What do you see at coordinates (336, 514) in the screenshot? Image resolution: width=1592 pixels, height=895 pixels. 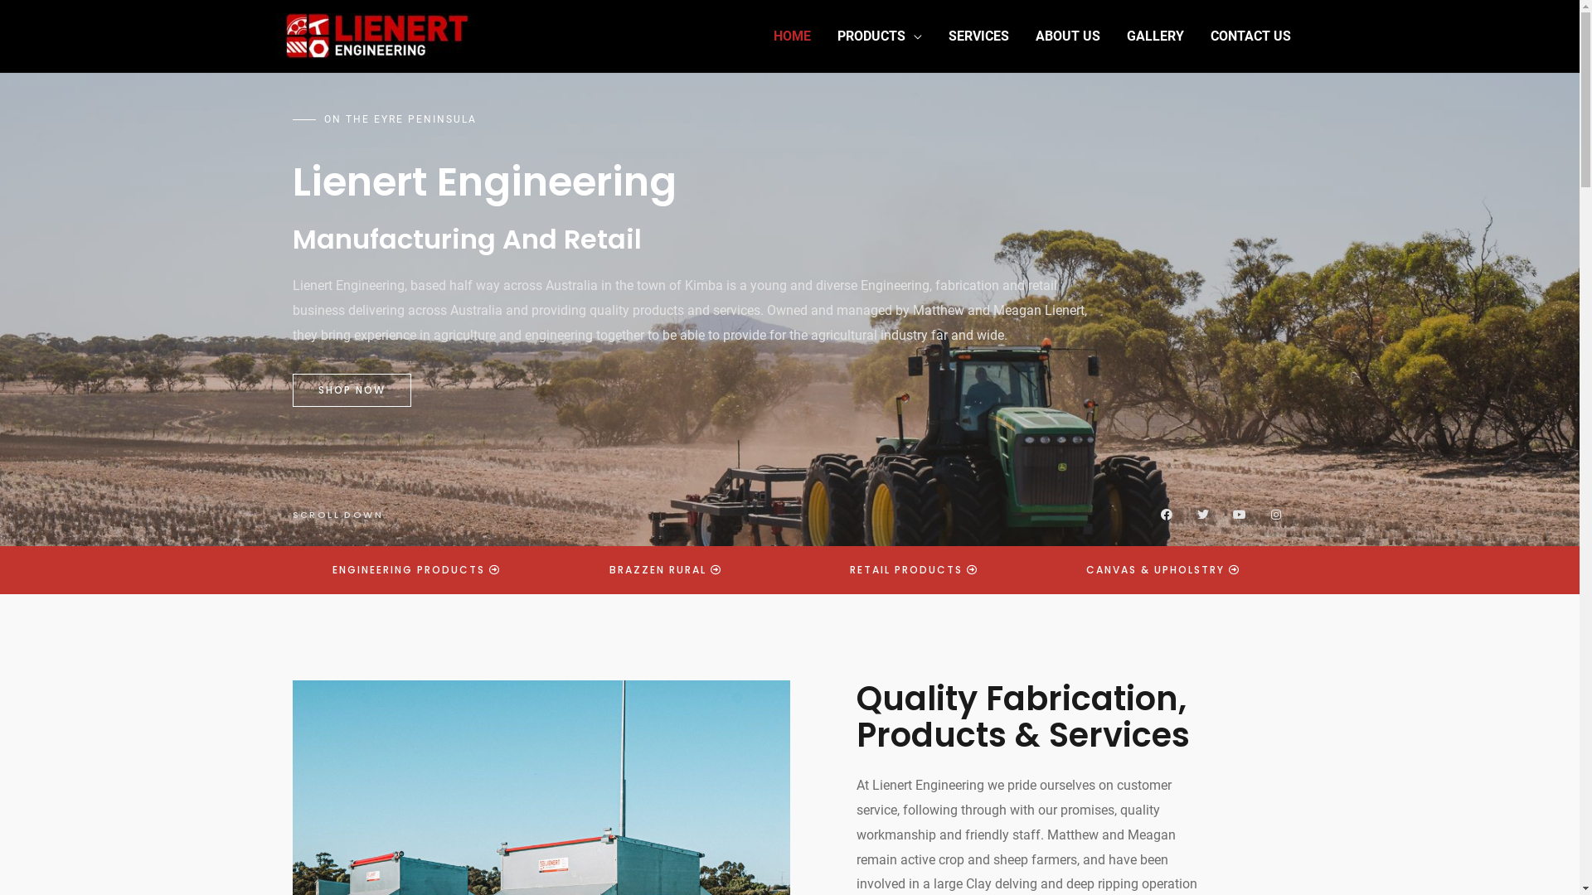 I see `'SCROLL DOWN'` at bounding box center [336, 514].